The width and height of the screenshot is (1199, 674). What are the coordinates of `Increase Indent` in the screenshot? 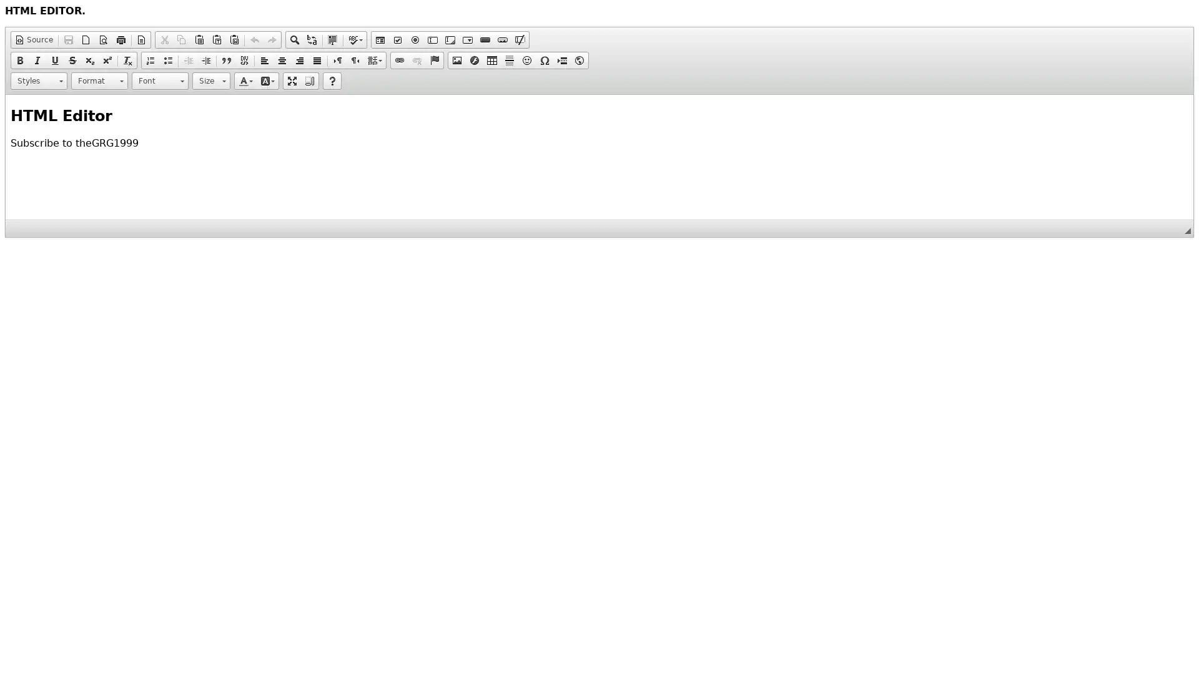 It's located at (206, 60).